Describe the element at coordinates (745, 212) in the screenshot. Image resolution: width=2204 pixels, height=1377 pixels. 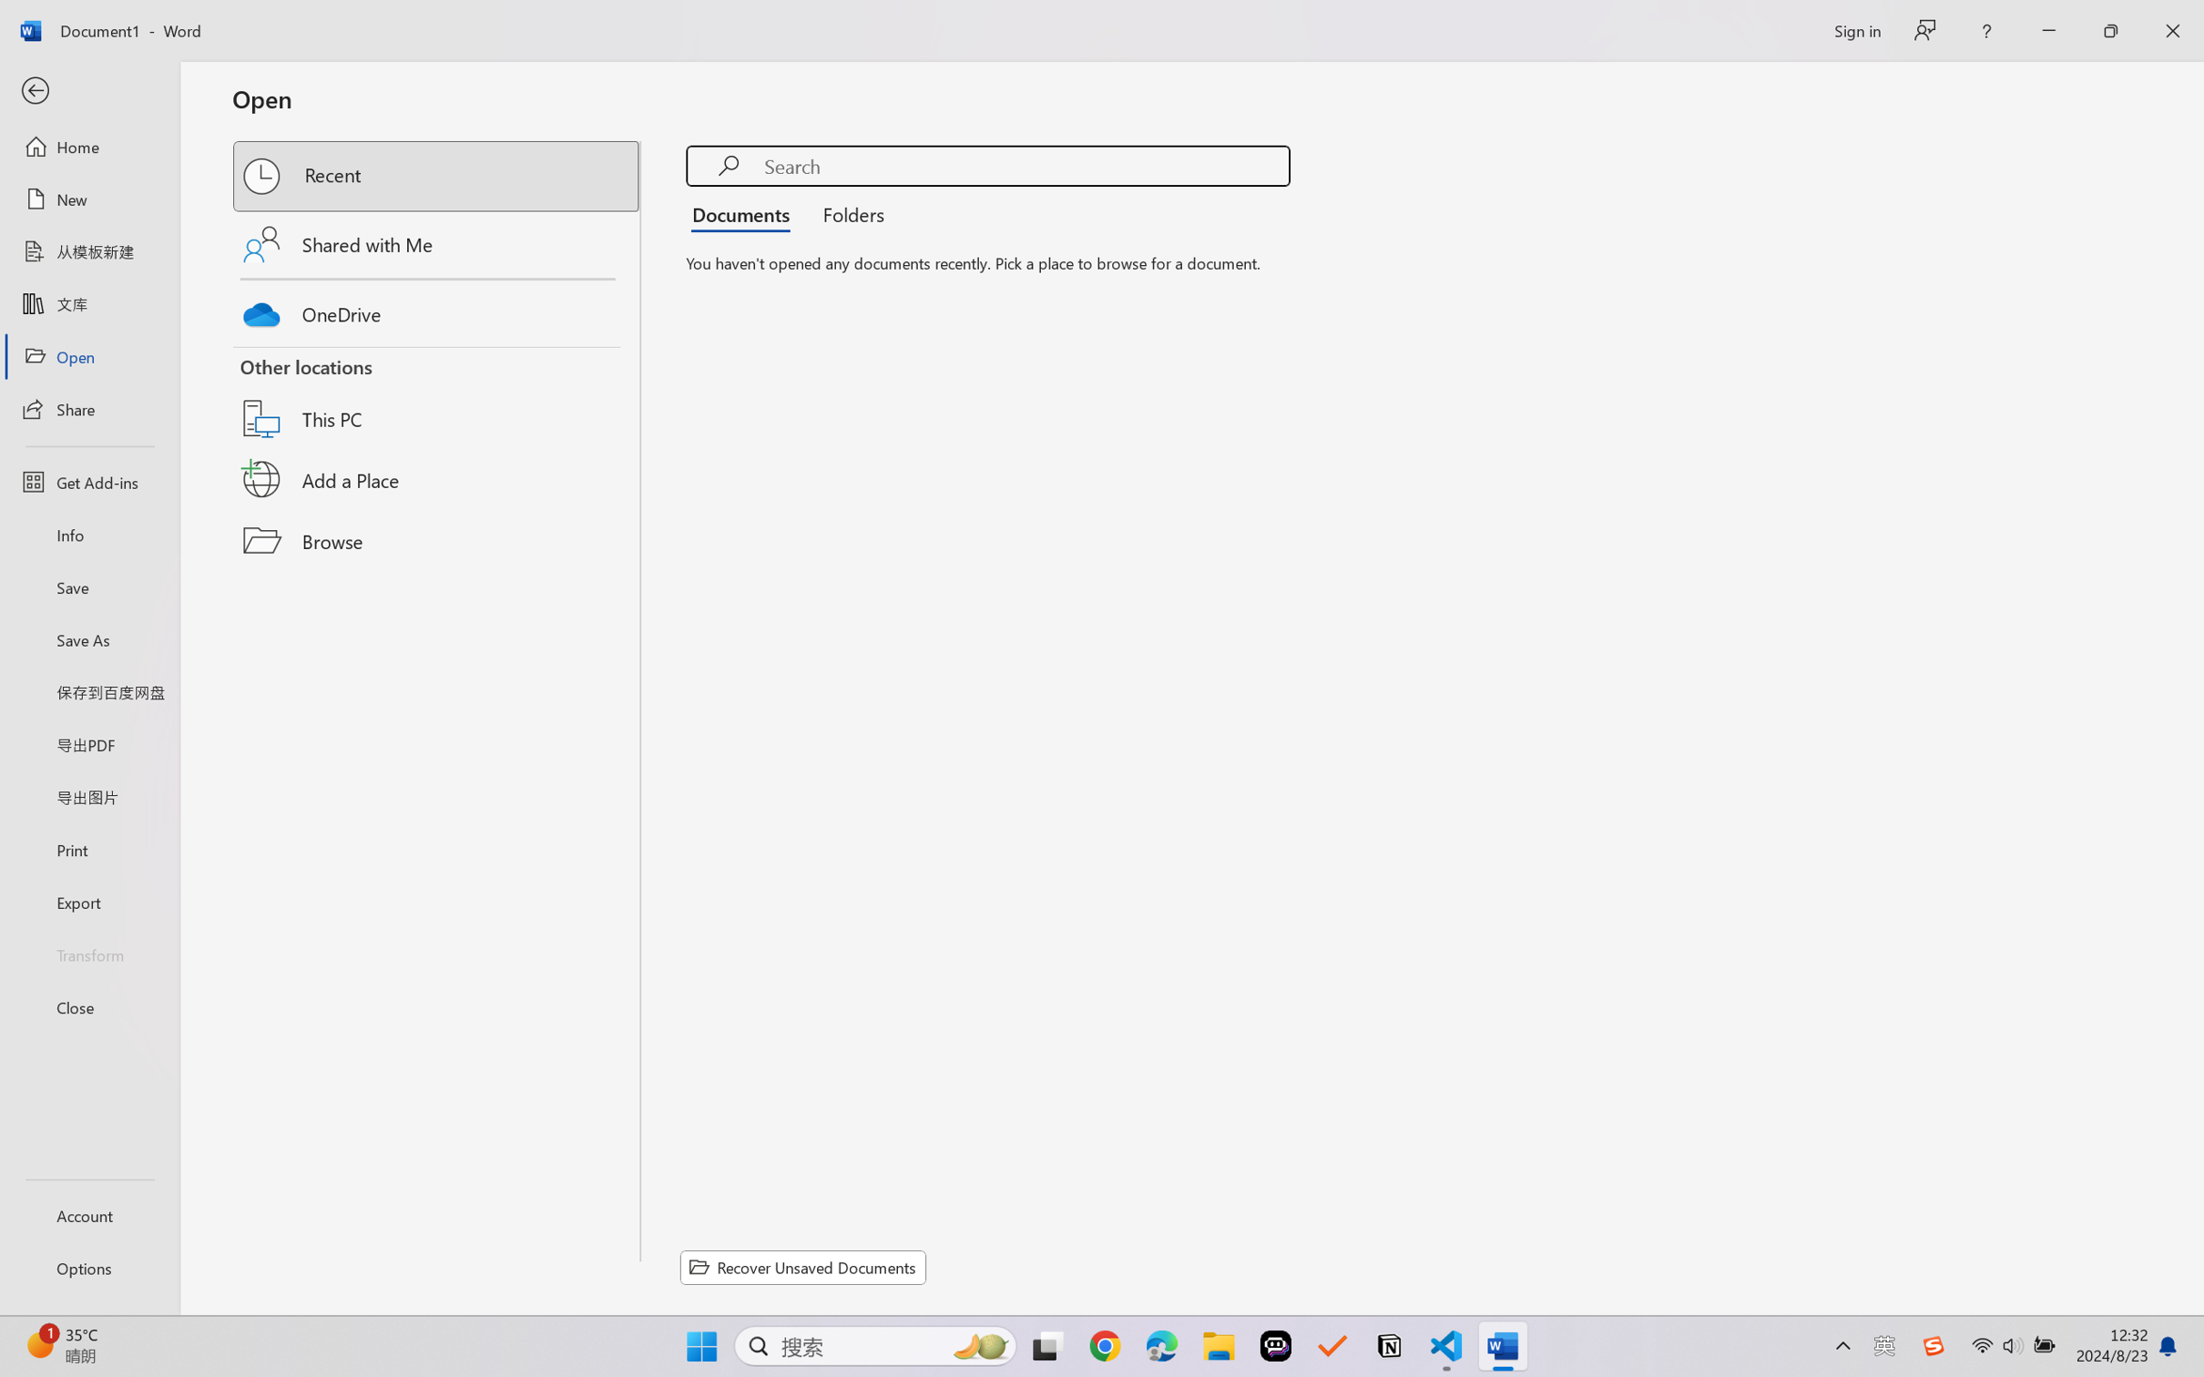
I see `'Documents'` at that location.